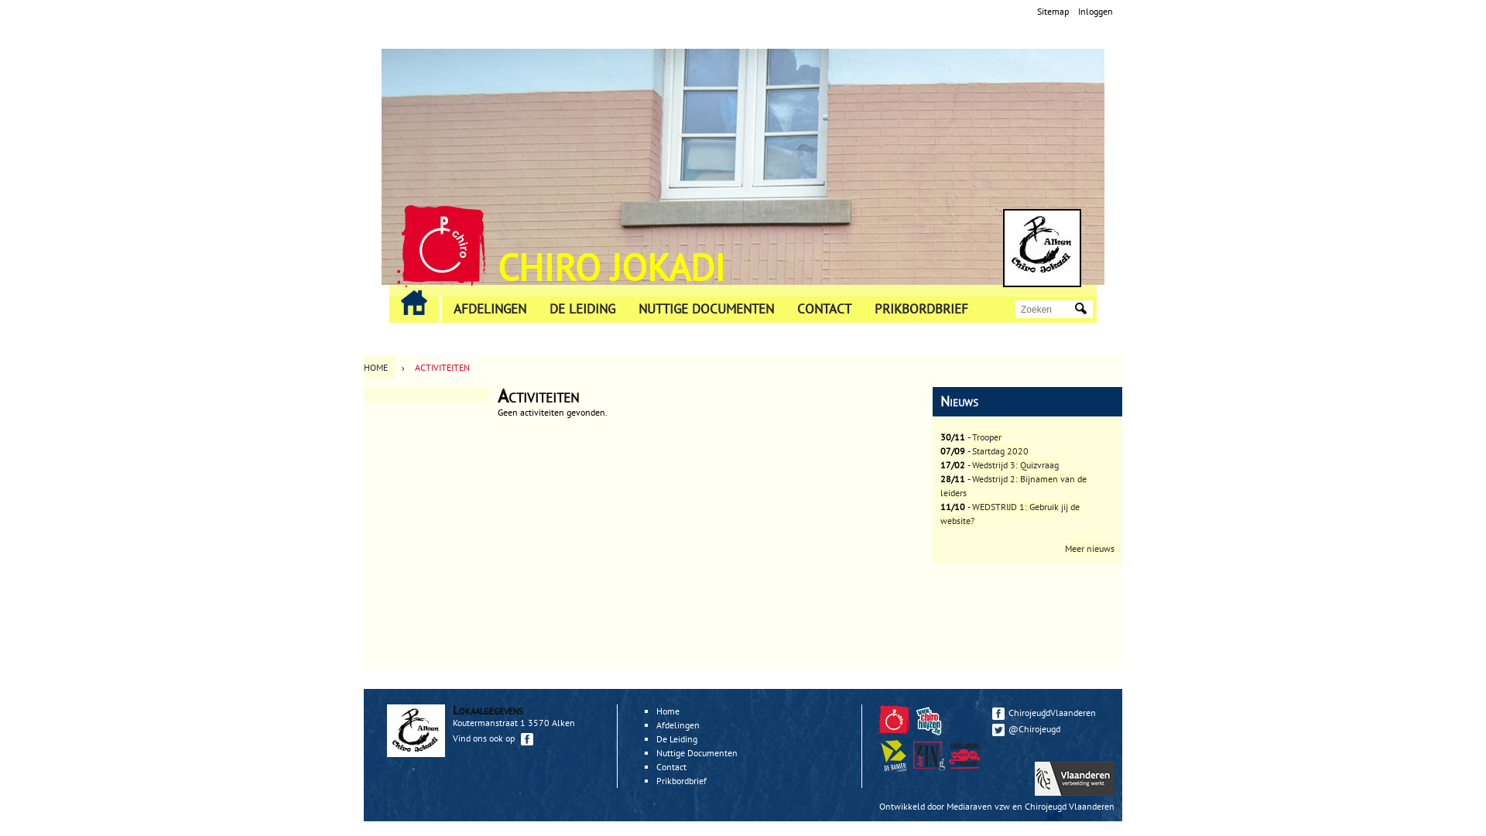 The image size is (1486, 836). What do you see at coordinates (977, 805) in the screenshot?
I see `'Mediaraven vzw'` at bounding box center [977, 805].